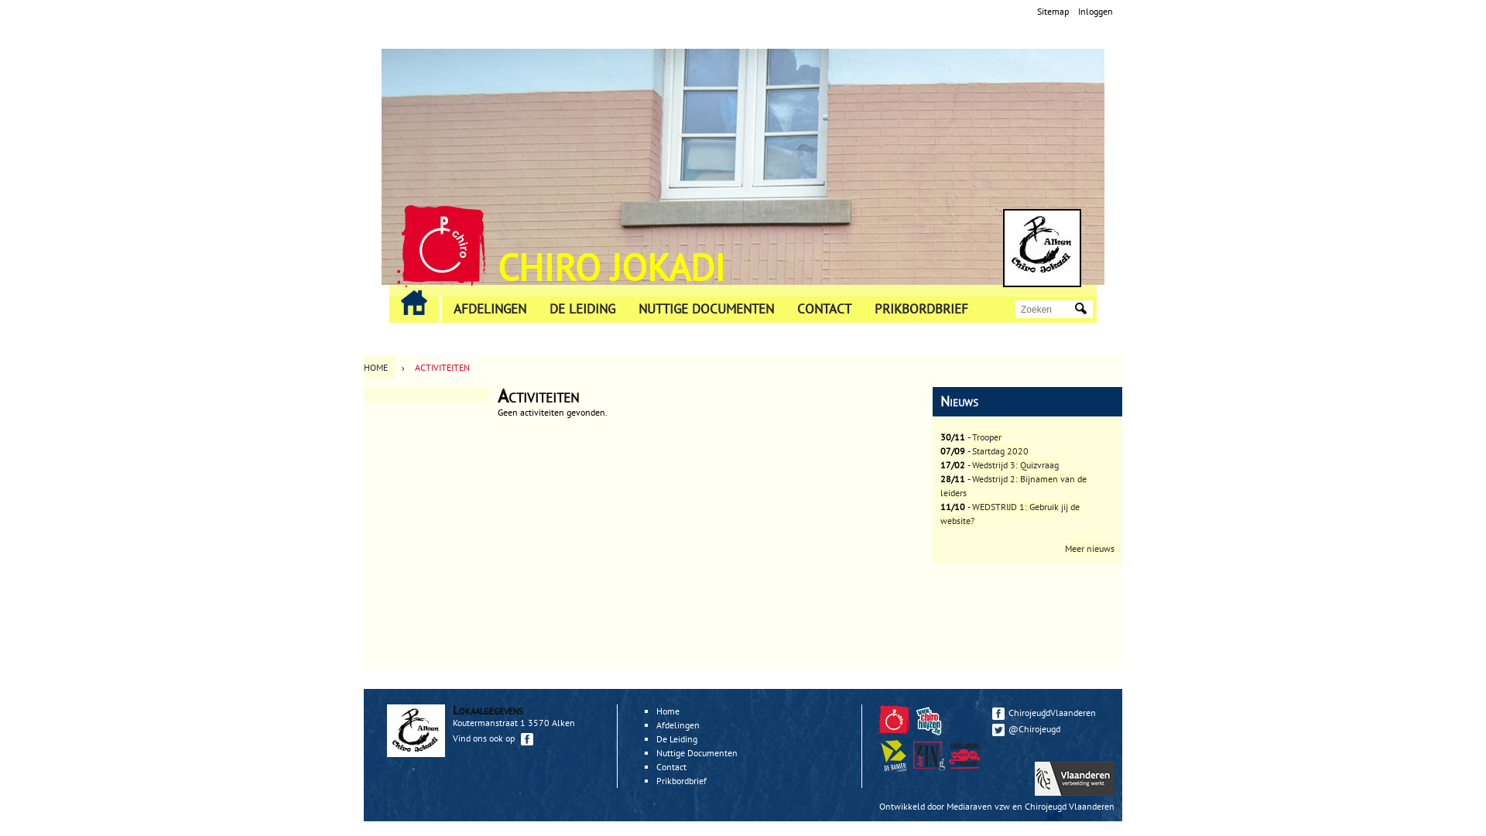 The image size is (1486, 836). What do you see at coordinates (977, 805) in the screenshot?
I see `'Mediaraven vzw'` at bounding box center [977, 805].